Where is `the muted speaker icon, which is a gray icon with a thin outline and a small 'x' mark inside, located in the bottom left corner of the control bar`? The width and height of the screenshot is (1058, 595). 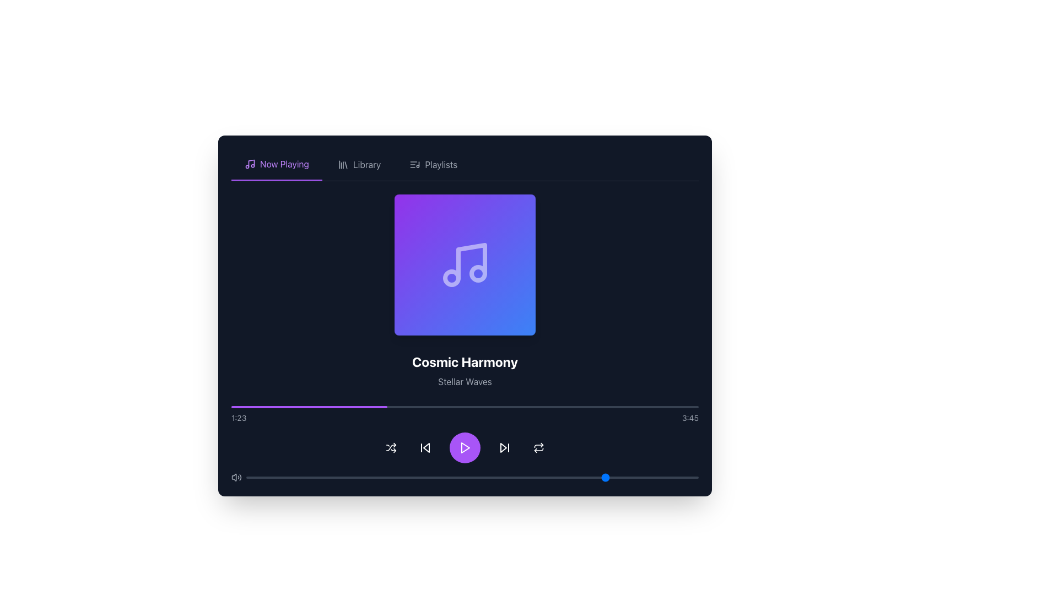
the muted speaker icon, which is a gray icon with a thin outline and a small 'x' mark inside, located in the bottom left corner of the control bar is located at coordinates (234, 477).